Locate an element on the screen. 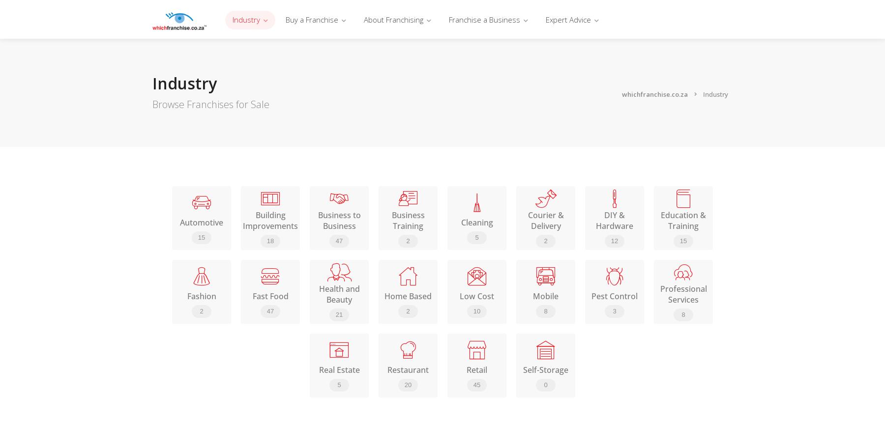 This screenshot has width=885, height=422. 'Health and Beauty' is located at coordinates (338, 294).